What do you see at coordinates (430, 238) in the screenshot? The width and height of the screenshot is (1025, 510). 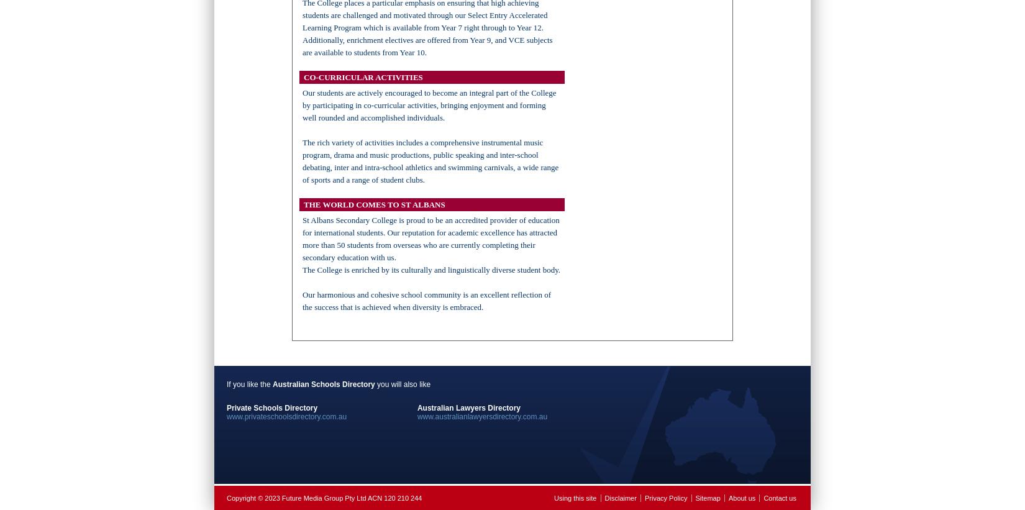 I see `'St Albans Secondary College is proud to be an accredited provider of education for international students. Our reputation for academic excellence has attracted more than 50 students from overseas who are currently completing their secondary education with us.'` at bounding box center [430, 238].